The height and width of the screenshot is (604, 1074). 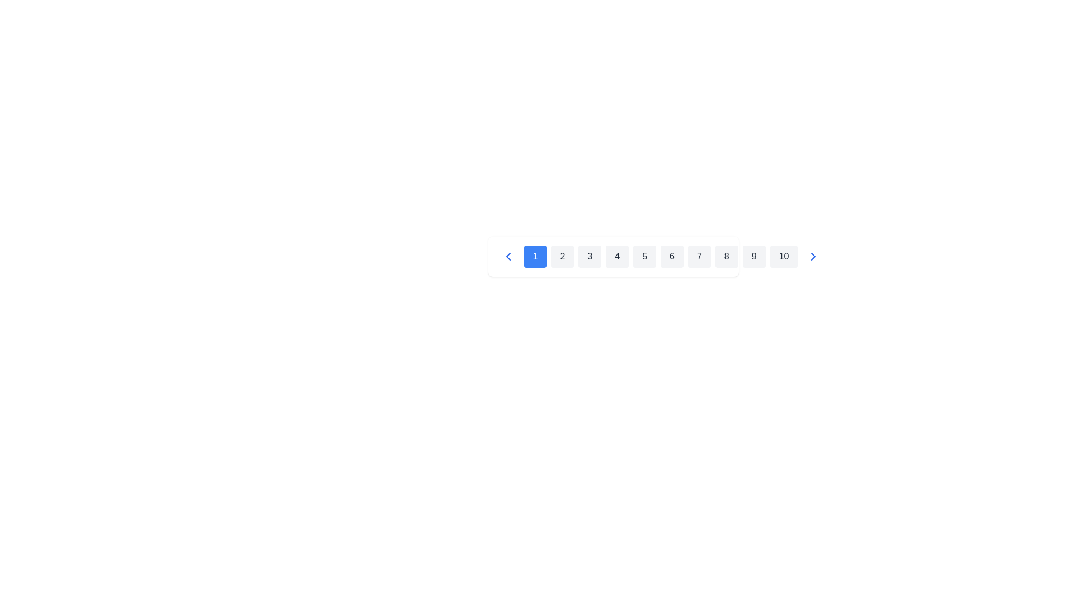 I want to click on the rounded rectangular button labeled '10', so click(x=783, y=257).